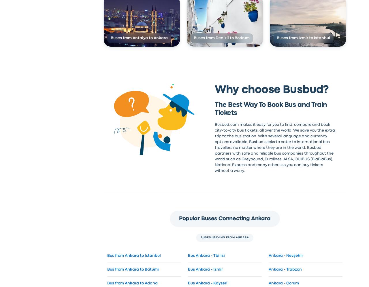  What do you see at coordinates (303, 38) in the screenshot?
I see `'Buses from Izmir to Istanbul'` at bounding box center [303, 38].